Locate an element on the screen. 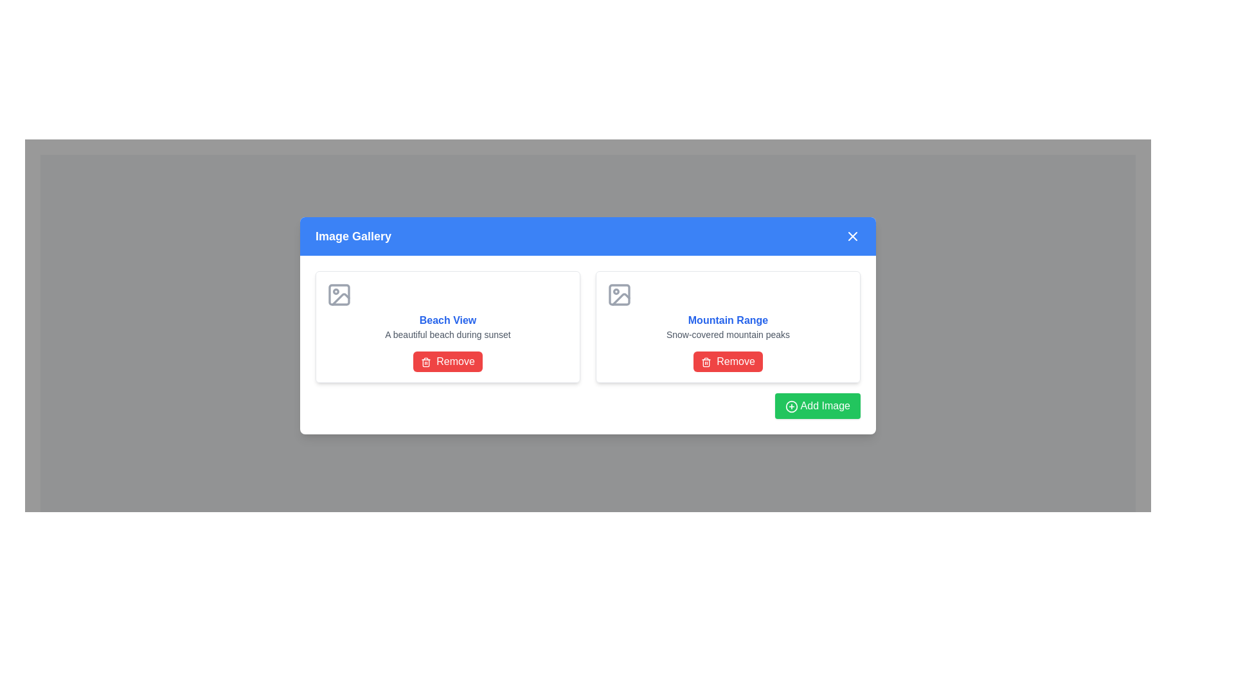  the close button, represented by an 'X' icon, located in the top-right corner of the blue title bar of the image gallery dialog box is located at coordinates (852, 236).